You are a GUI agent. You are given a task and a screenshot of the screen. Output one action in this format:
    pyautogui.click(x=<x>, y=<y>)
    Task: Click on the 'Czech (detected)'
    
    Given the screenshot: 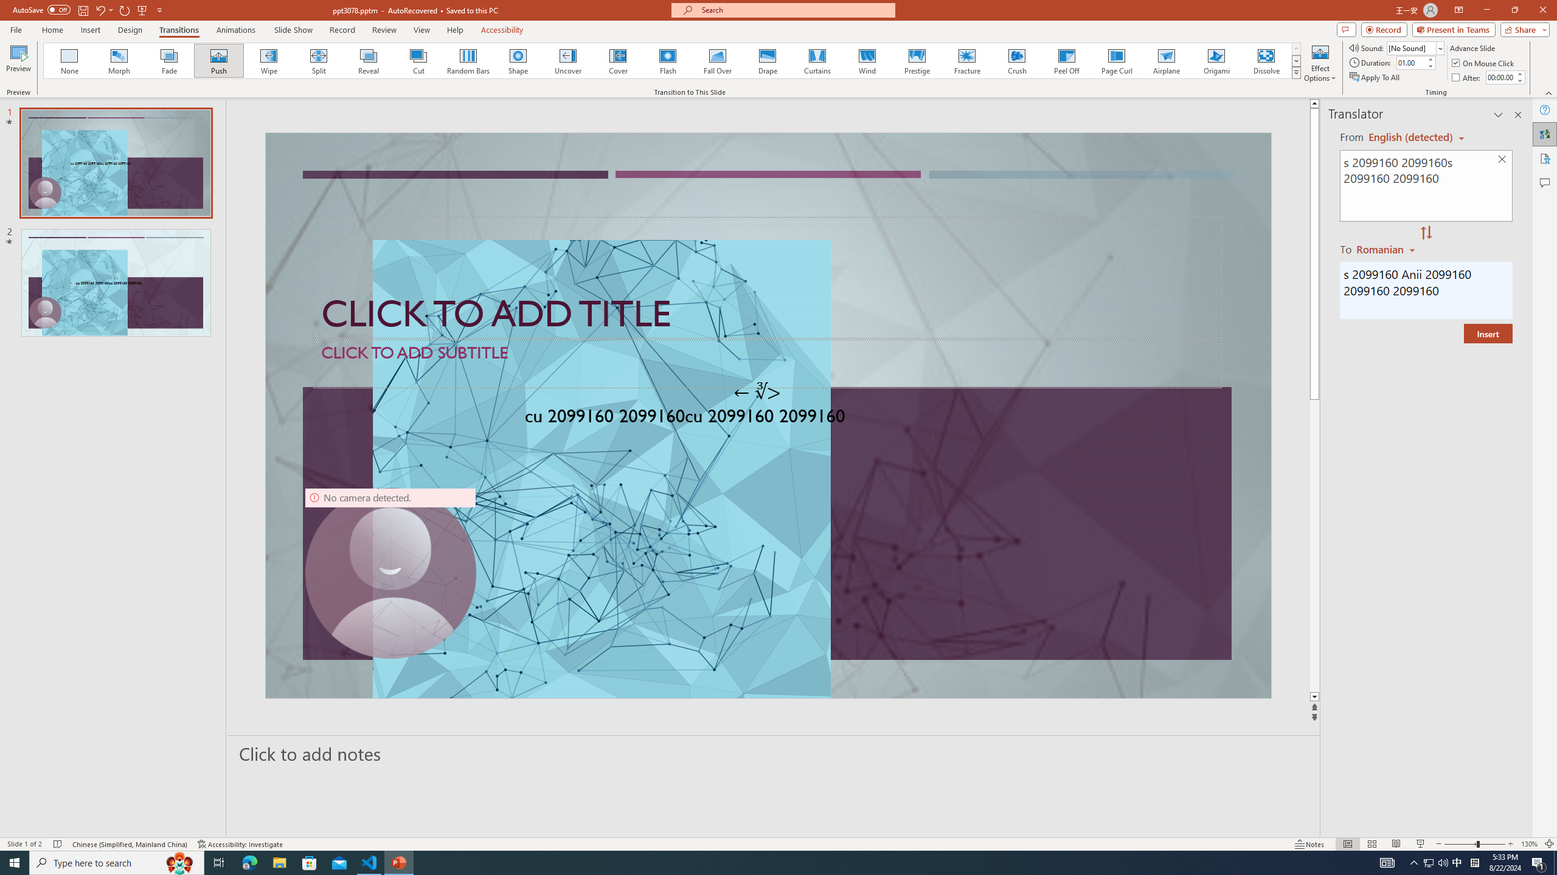 What is the action you would take?
    pyautogui.click(x=1410, y=137)
    